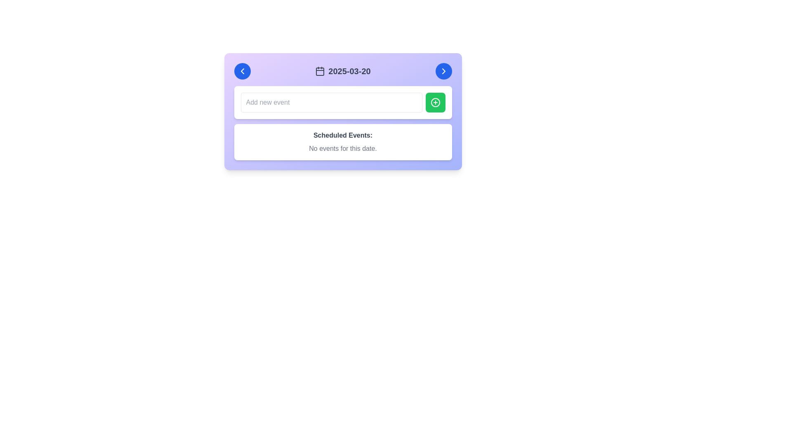 This screenshot has height=445, width=792. What do you see at coordinates (242, 71) in the screenshot?
I see `the circular blue button with a white left-facing chevron icon located on the far left, to the left of the date display '2025-03-20'` at bounding box center [242, 71].